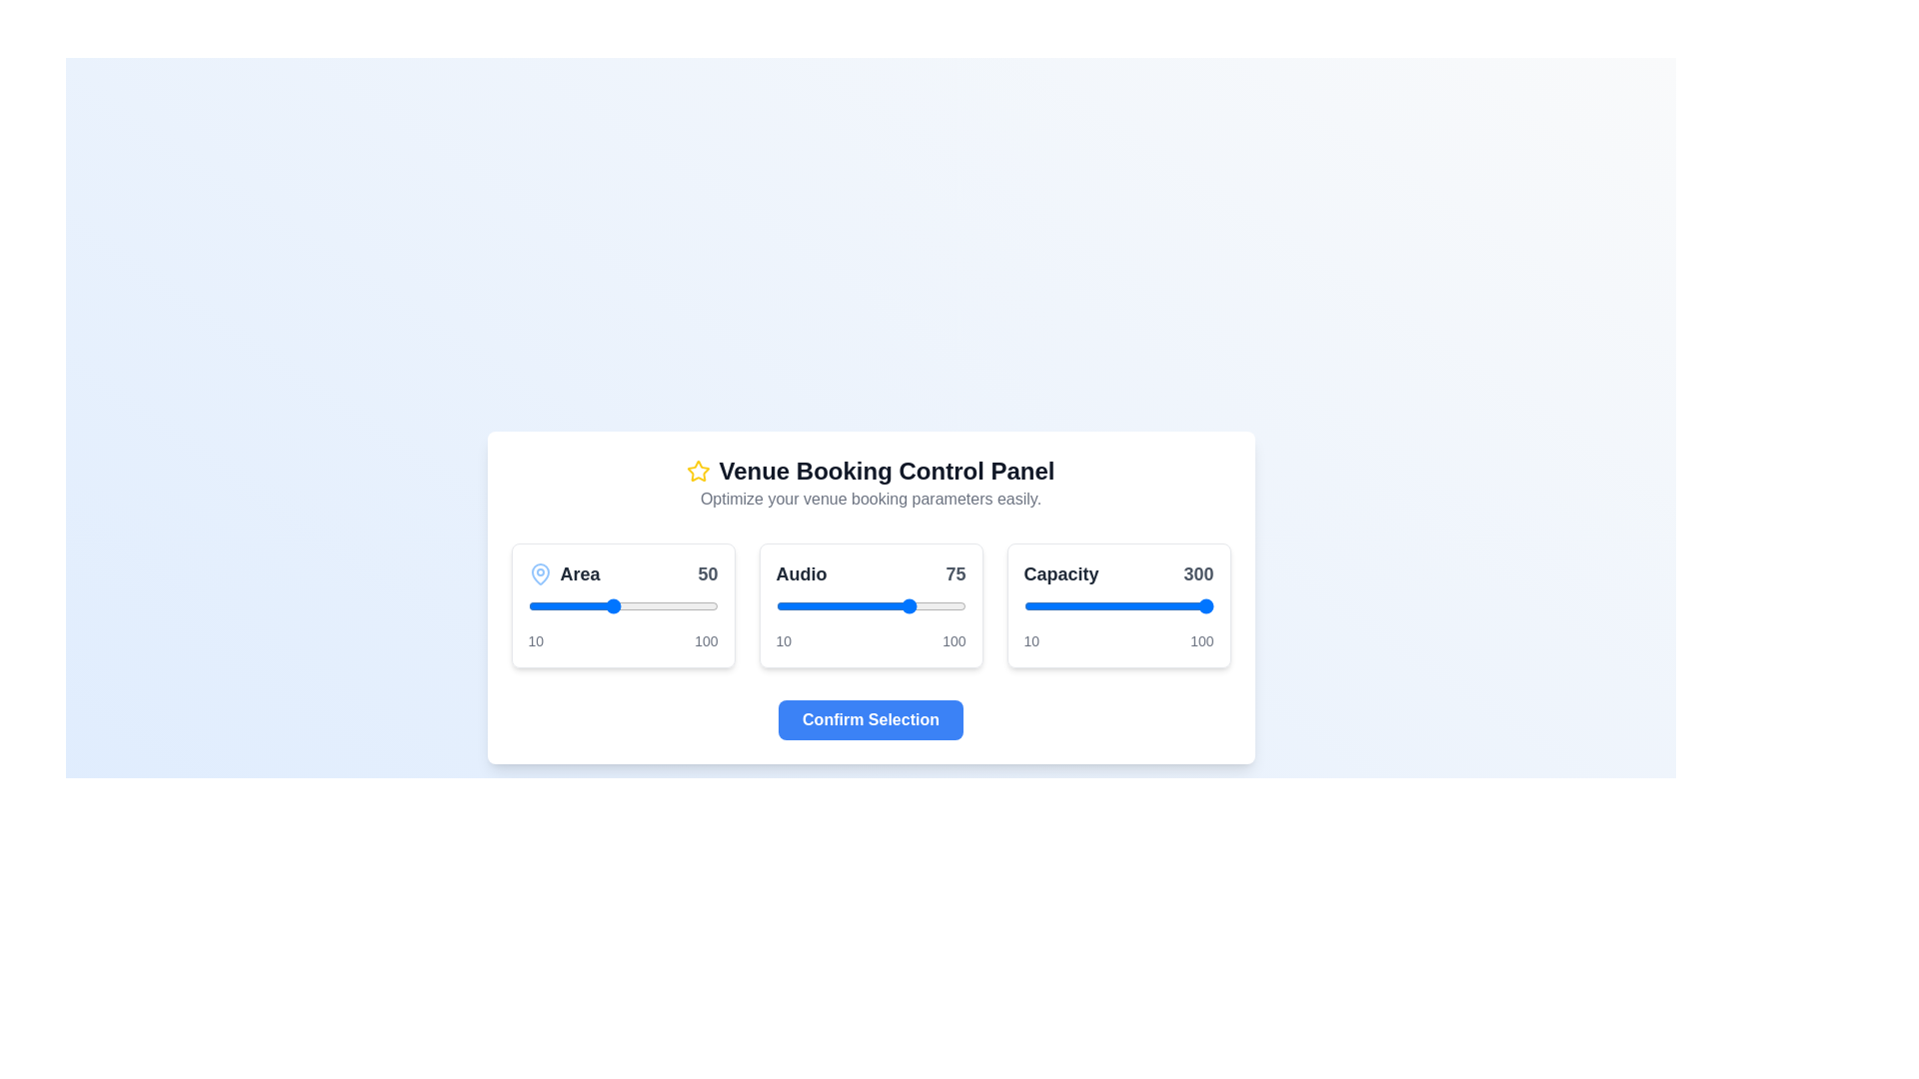 This screenshot has height=1079, width=1919. I want to click on the Text label group that provides minimum ('10') and maximum ('100') values for the associated capacity slider, located below the slider and above the 'Confirm Selection' button in the 'Capacity' box, so click(1117, 640).